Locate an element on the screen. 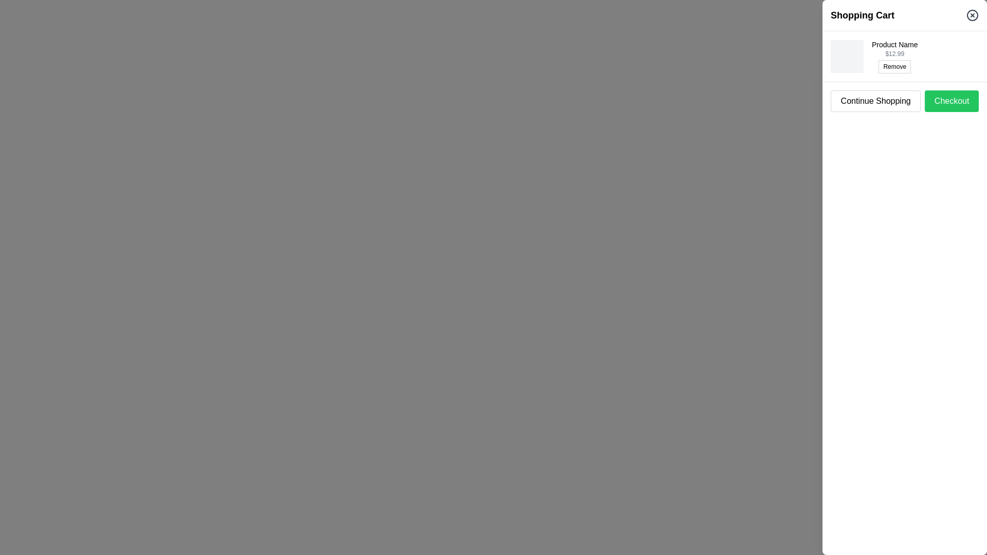 The image size is (987, 555). the product name of the first item in the shopping cart list is located at coordinates (905, 57).